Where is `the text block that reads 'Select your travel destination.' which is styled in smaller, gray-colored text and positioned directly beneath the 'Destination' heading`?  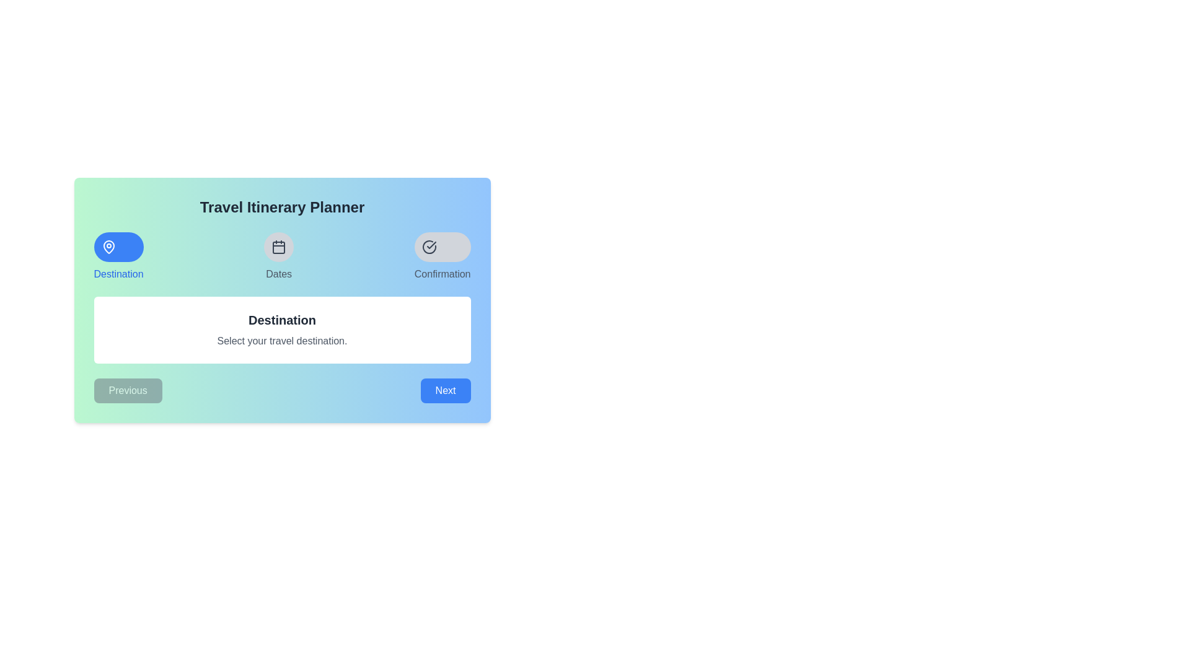 the text block that reads 'Select your travel destination.' which is styled in smaller, gray-colored text and positioned directly beneath the 'Destination' heading is located at coordinates (281, 341).